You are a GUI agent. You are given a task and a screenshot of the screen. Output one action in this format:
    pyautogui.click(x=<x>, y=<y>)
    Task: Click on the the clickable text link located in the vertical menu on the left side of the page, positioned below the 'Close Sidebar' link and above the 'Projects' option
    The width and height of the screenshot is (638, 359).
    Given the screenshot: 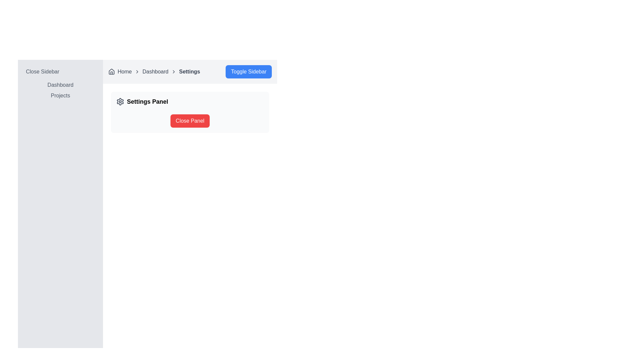 What is the action you would take?
    pyautogui.click(x=60, y=84)
    